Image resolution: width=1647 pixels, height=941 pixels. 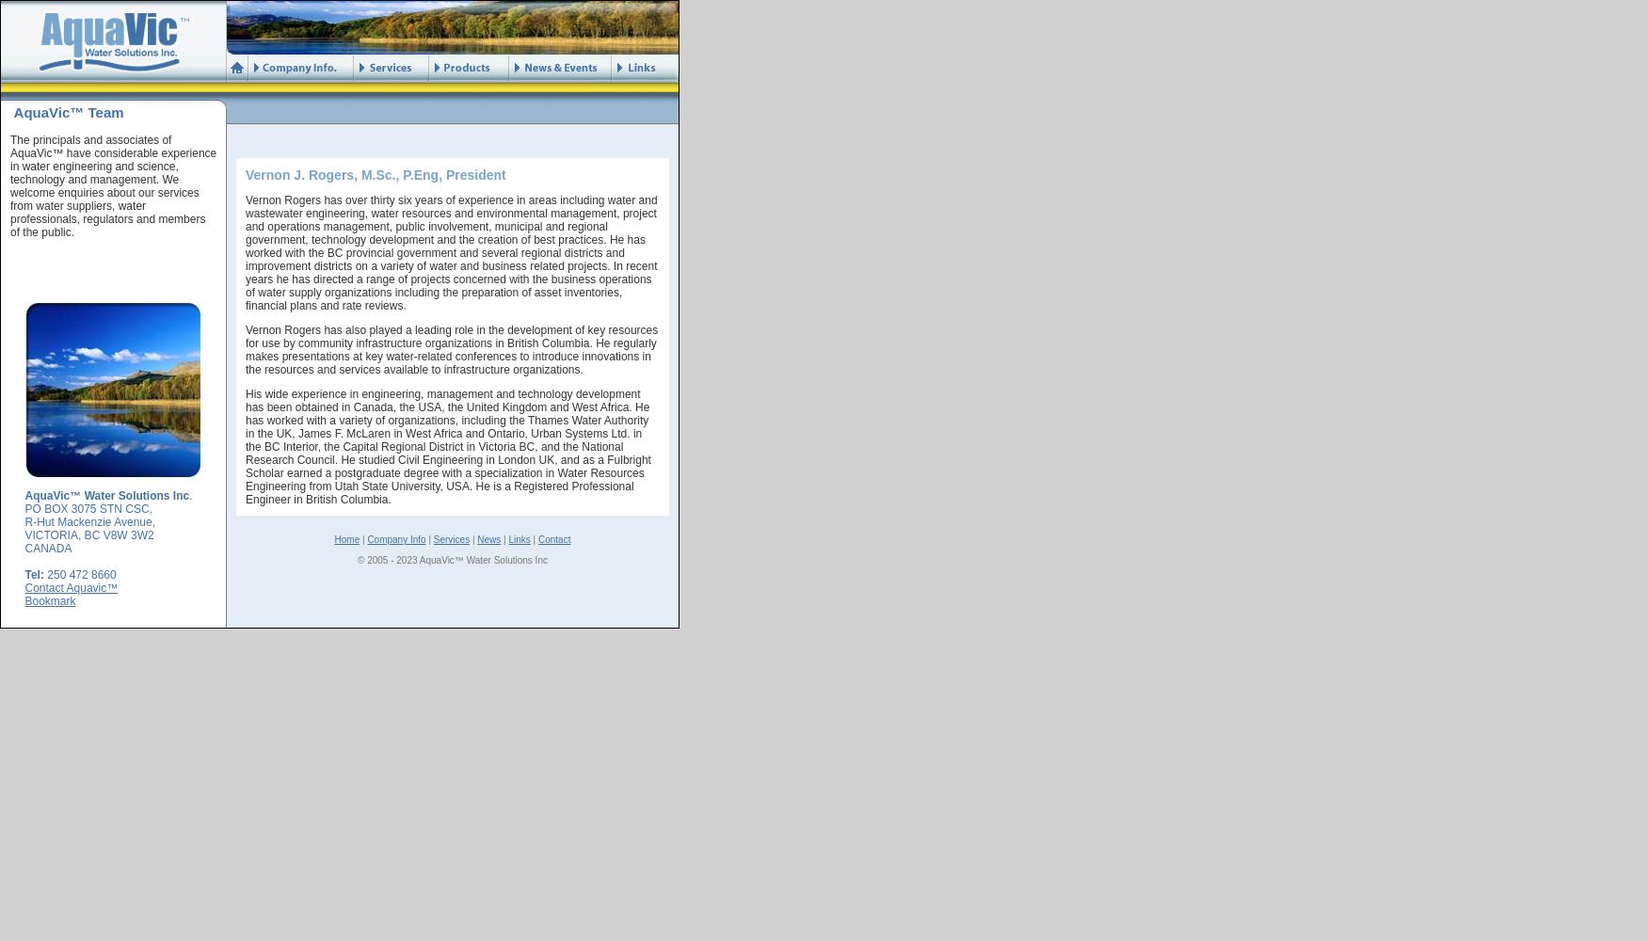 I want to click on 'PO BOX 3075 STN CSC,', so click(x=88, y=509).